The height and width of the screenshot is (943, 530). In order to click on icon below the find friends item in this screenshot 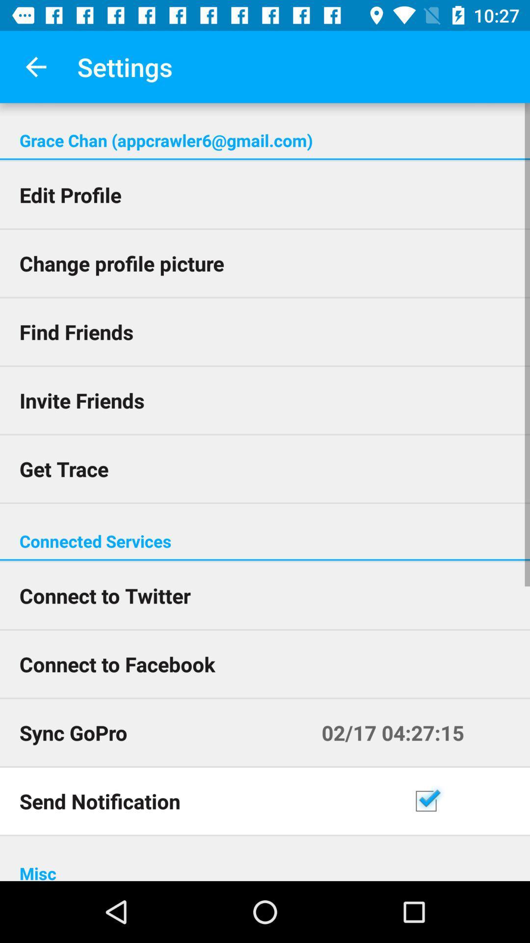, I will do `click(265, 400)`.